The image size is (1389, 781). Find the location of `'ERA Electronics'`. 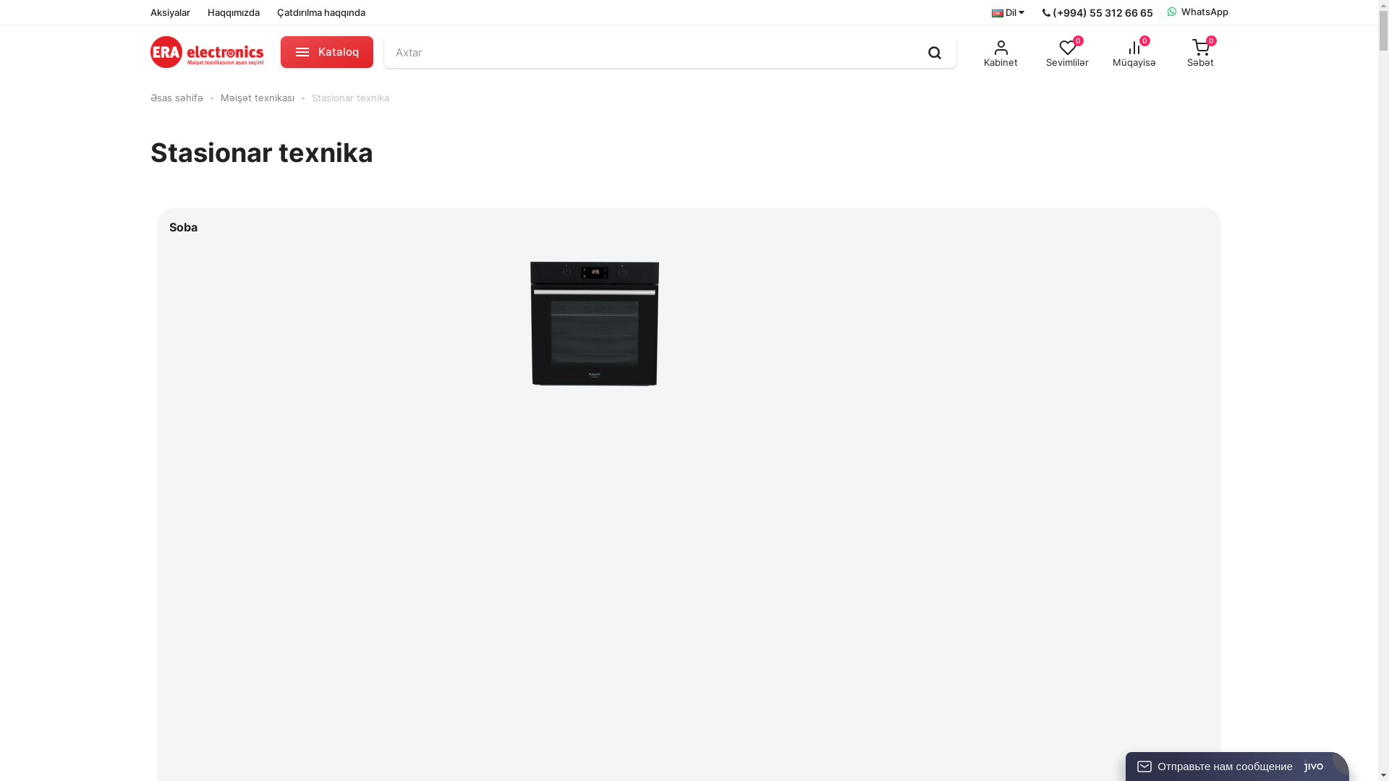

'ERA Electronics' is located at coordinates (206, 51).